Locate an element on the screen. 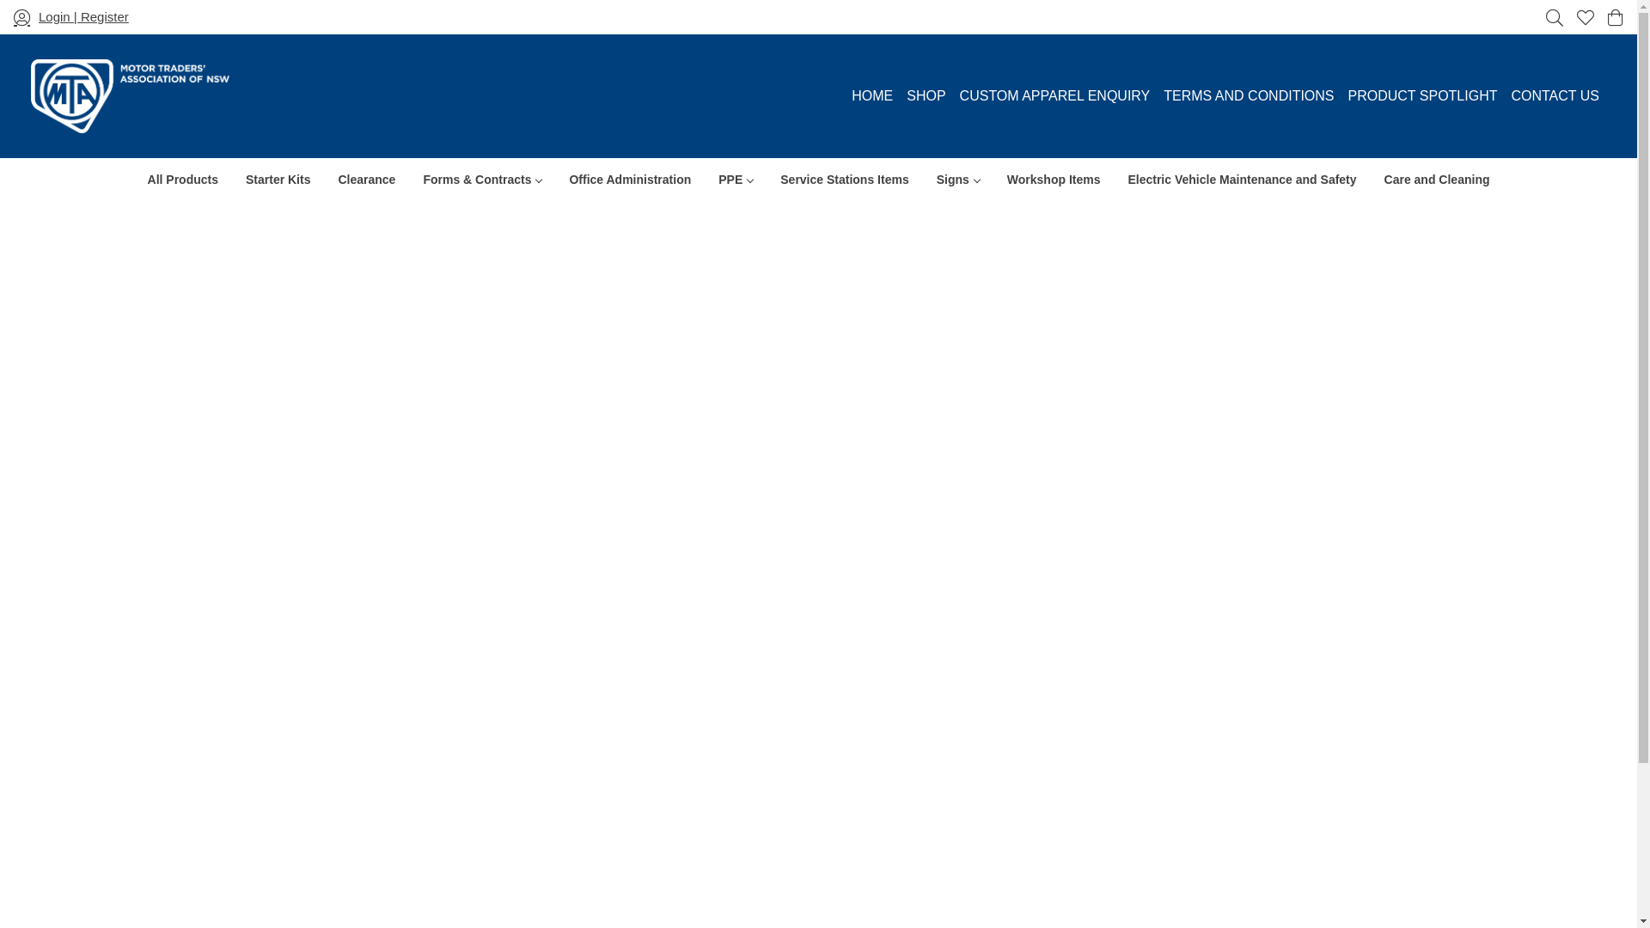 The width and height of the screenshot is (1650, 928). 'HOME' is located at coordinates (871, 95).